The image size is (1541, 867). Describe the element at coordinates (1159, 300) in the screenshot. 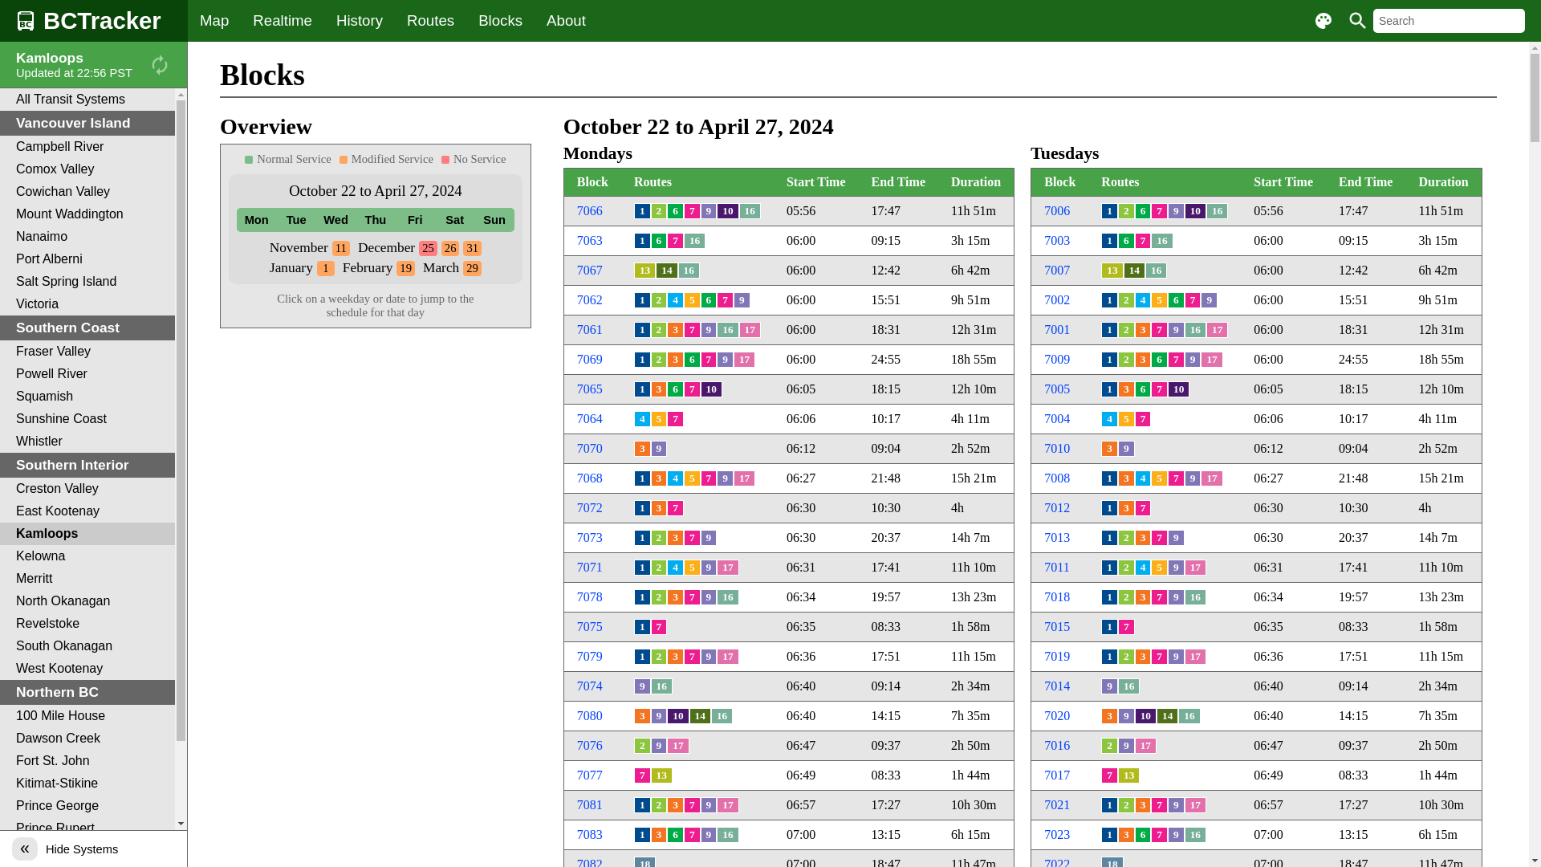

I see `'5'` at that location.